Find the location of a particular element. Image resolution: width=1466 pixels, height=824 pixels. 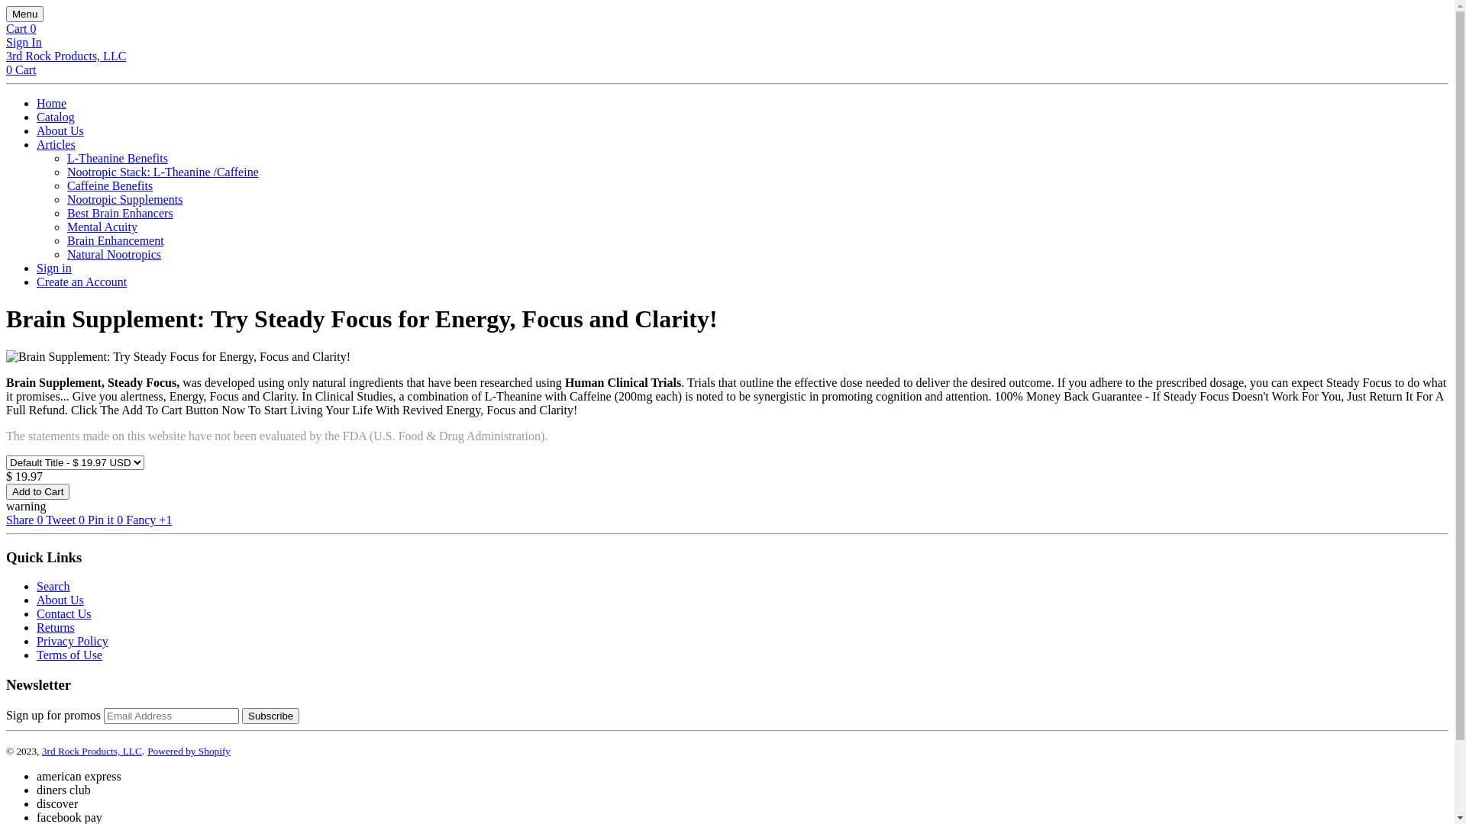

'Fancy' is located at coordinates (142, 519).